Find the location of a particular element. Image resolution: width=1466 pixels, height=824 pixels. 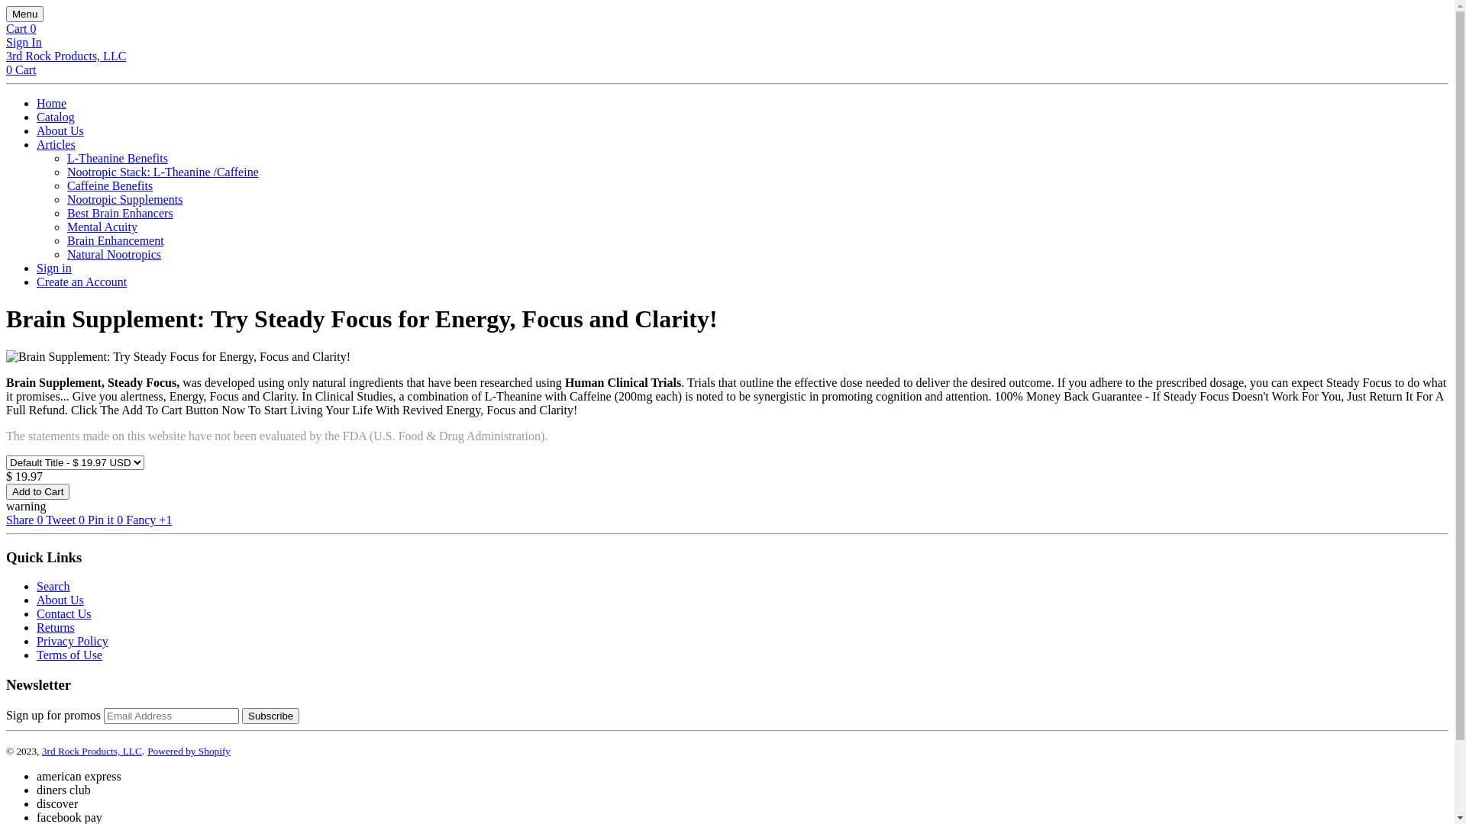

'Fancy' is located at coordinates (142, 519).